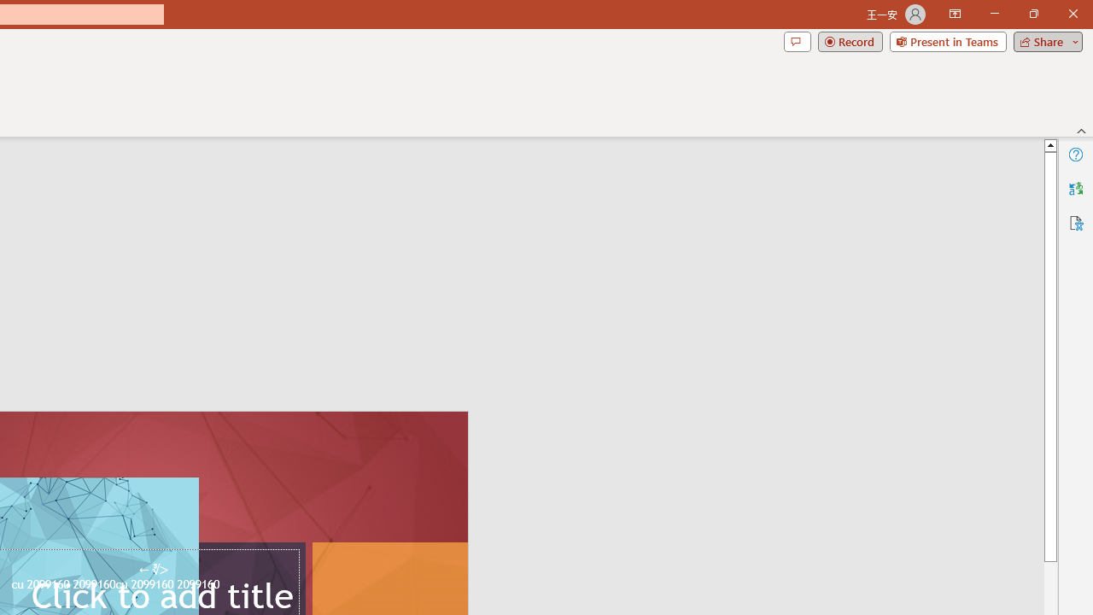  Describe the element at coordinates (159, 585) in the screenshot. I see `'TextBox 61'` at that location.